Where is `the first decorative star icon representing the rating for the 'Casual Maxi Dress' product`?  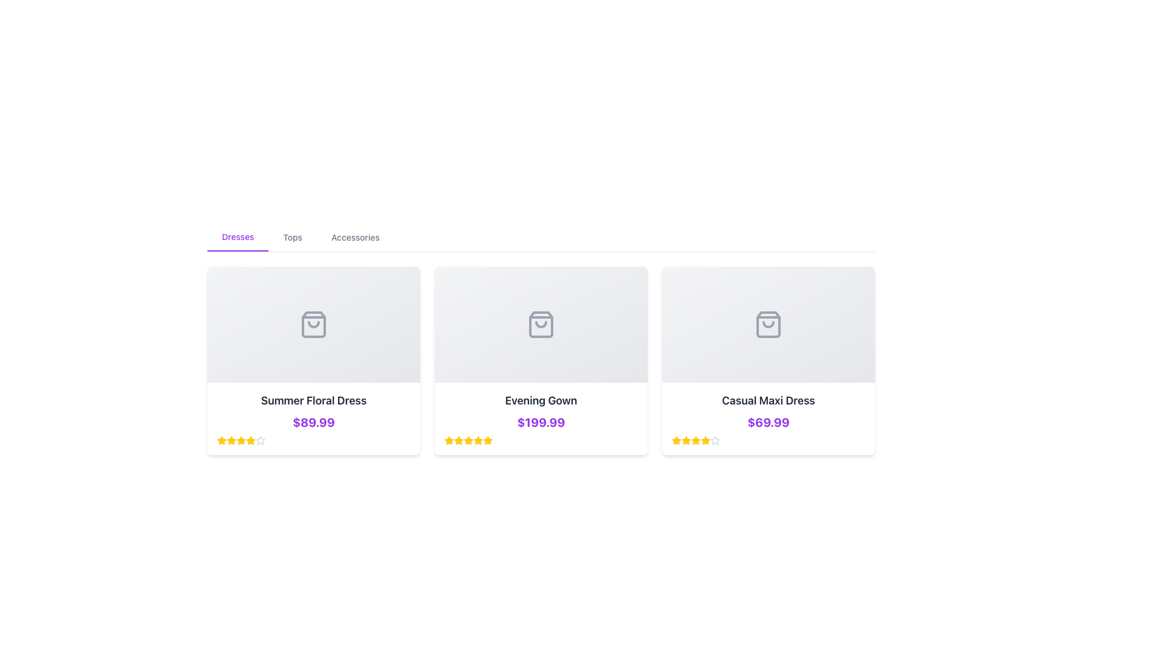 the first decorative star icon representing the rating for the 'Casual Maxi Dress' product is located at coordinates (675, 441).